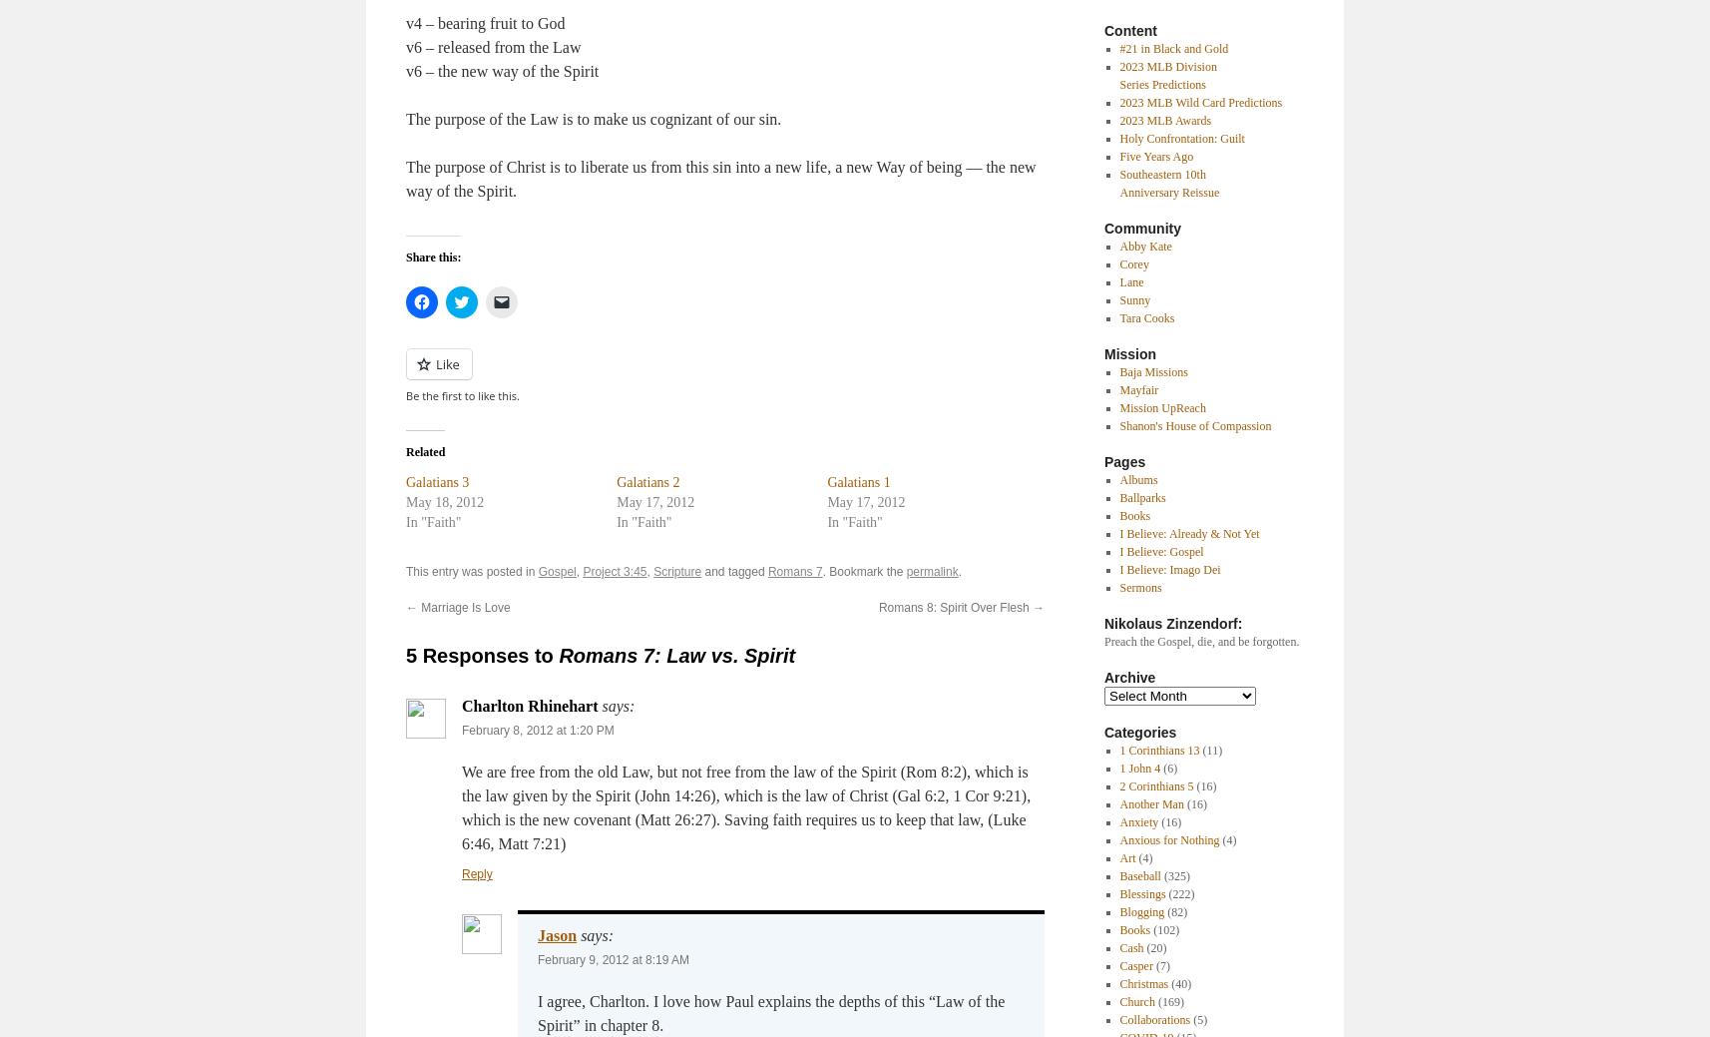  I want to click on 'Romans 7: Law vs. Spirit', so click(675, 655).